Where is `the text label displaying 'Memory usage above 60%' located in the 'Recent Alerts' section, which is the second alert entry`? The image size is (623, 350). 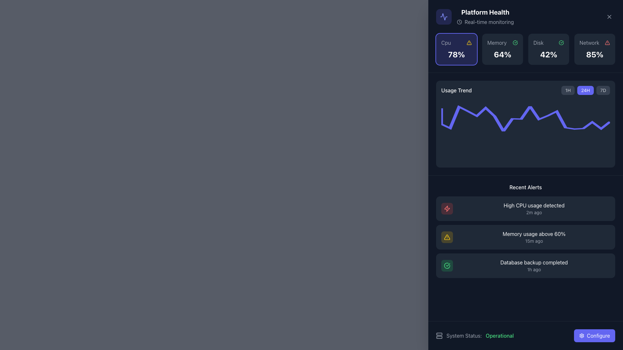
the text label displaying 'Memory usage above 60%' located in the 'Recent Alerts' section, which is the second alert entry is located at coordinates (534, 234).